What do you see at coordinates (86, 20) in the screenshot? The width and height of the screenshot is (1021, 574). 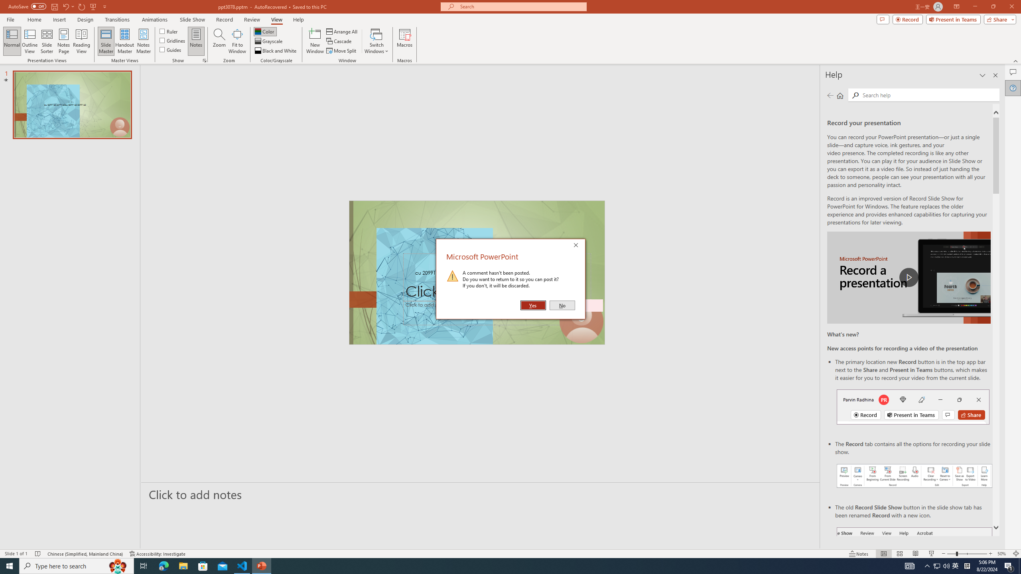 I see `'Design'` at bounding box center [86, 20].